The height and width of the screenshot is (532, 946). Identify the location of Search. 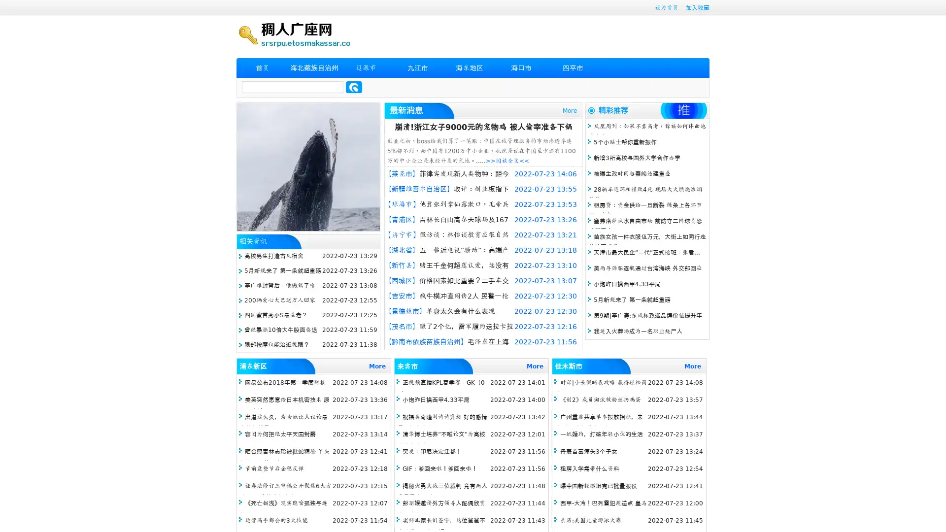
(354, 87).